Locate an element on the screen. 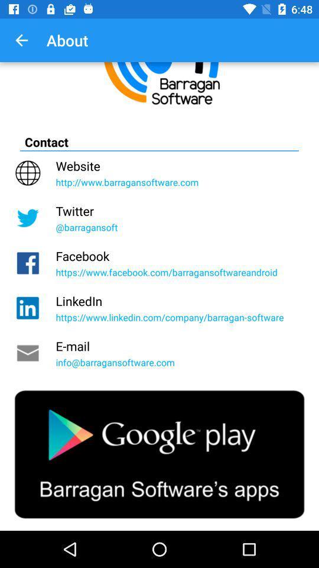 This screenshot has height=568, width=319. icon next to the about icon is located at coordinates (21, 40).